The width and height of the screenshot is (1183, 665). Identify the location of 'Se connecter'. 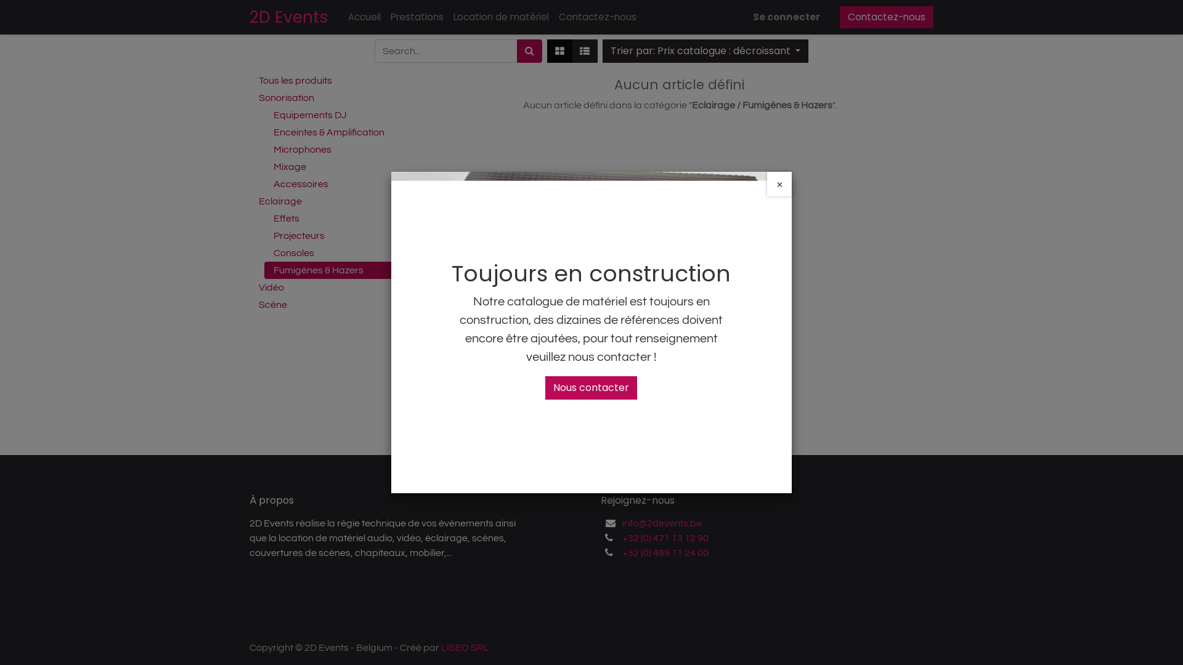
(747, 17).